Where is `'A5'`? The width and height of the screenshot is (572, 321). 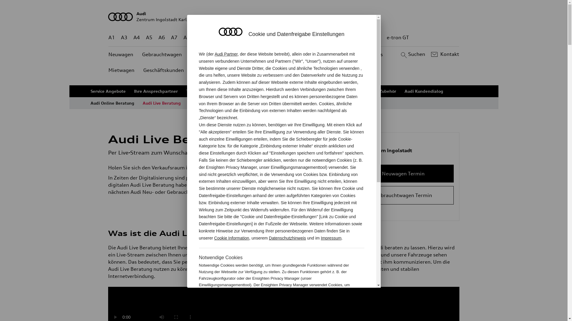 'A5' is located at coordinates (149, 37).